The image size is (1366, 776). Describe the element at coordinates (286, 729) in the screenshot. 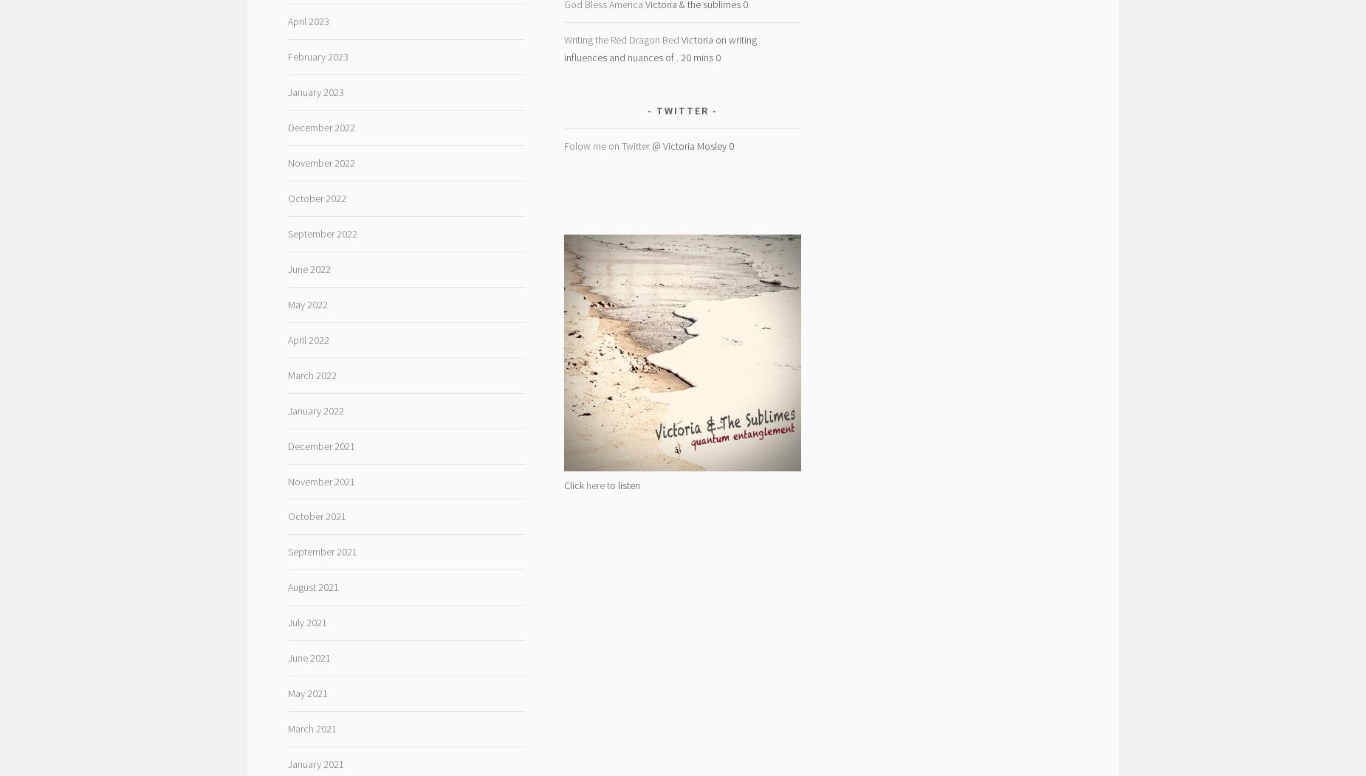

I see `'March 2021'` at that location.